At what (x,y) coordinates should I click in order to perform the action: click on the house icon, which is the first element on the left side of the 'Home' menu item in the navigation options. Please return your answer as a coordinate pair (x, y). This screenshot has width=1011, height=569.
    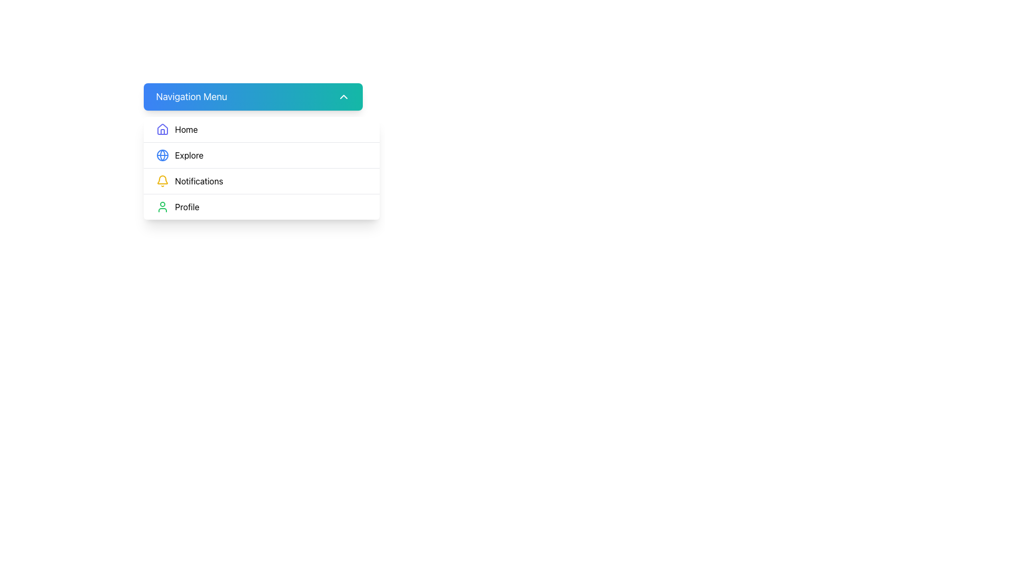
    Looking at the image, I should click on (162, 129).